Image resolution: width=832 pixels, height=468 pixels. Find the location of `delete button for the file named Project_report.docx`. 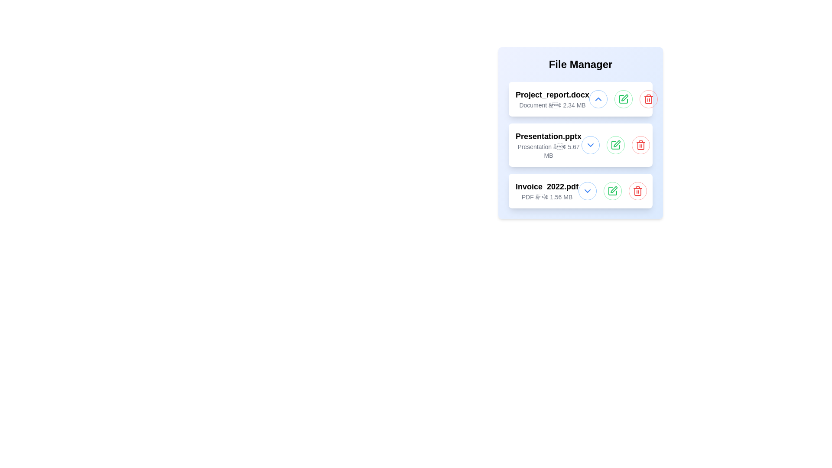

delete button for the file named Project_report.docx is located at coordinates (649, 98).